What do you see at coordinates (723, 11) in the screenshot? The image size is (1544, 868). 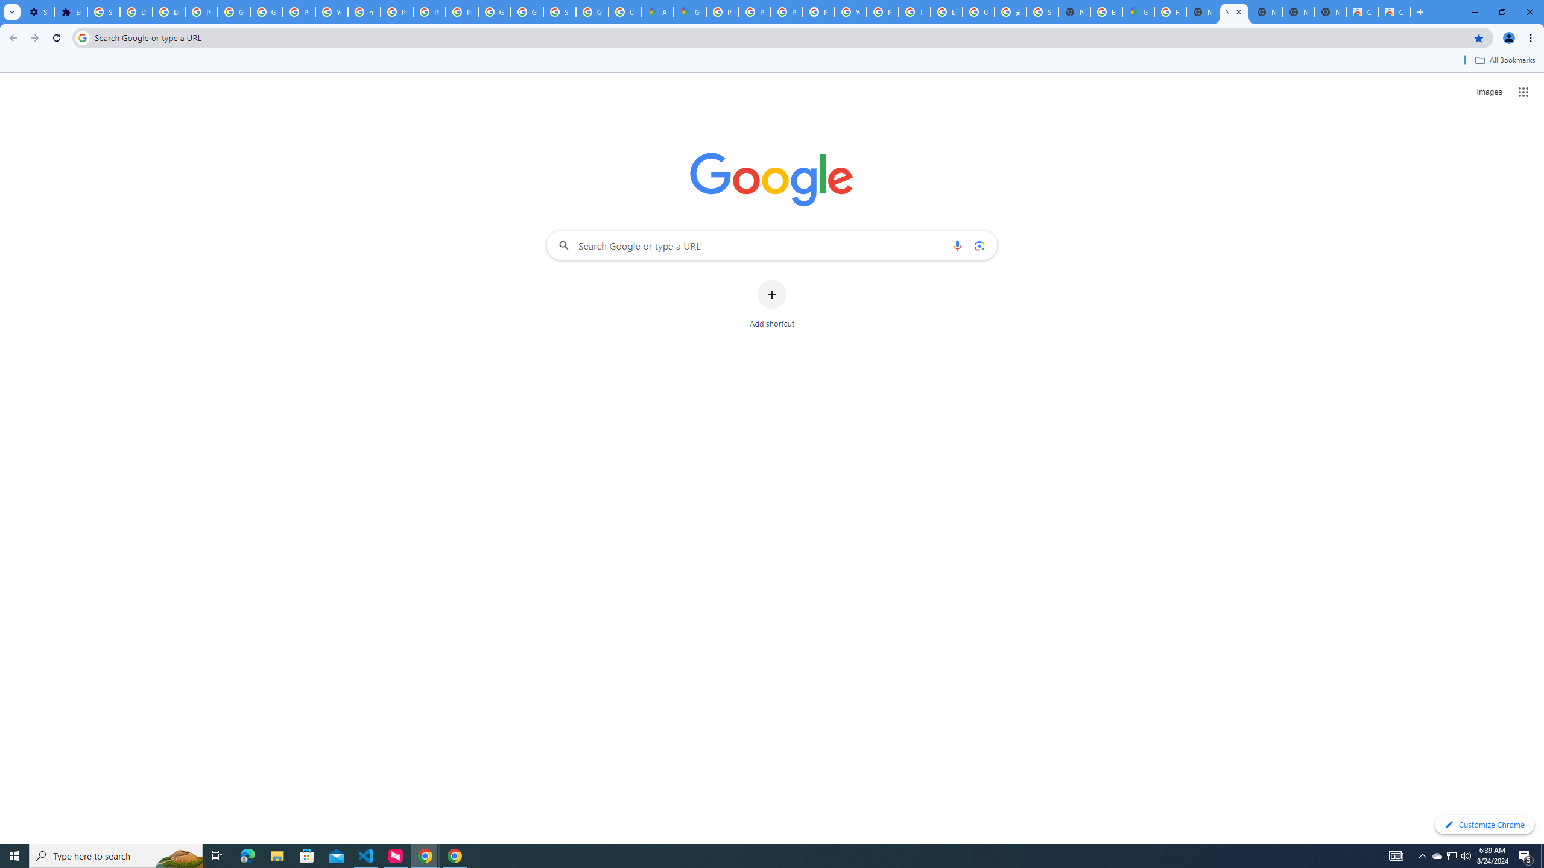 I see `'Policy Accountability and Transparency - Transparency Center'` at bounding box center [723, 11].